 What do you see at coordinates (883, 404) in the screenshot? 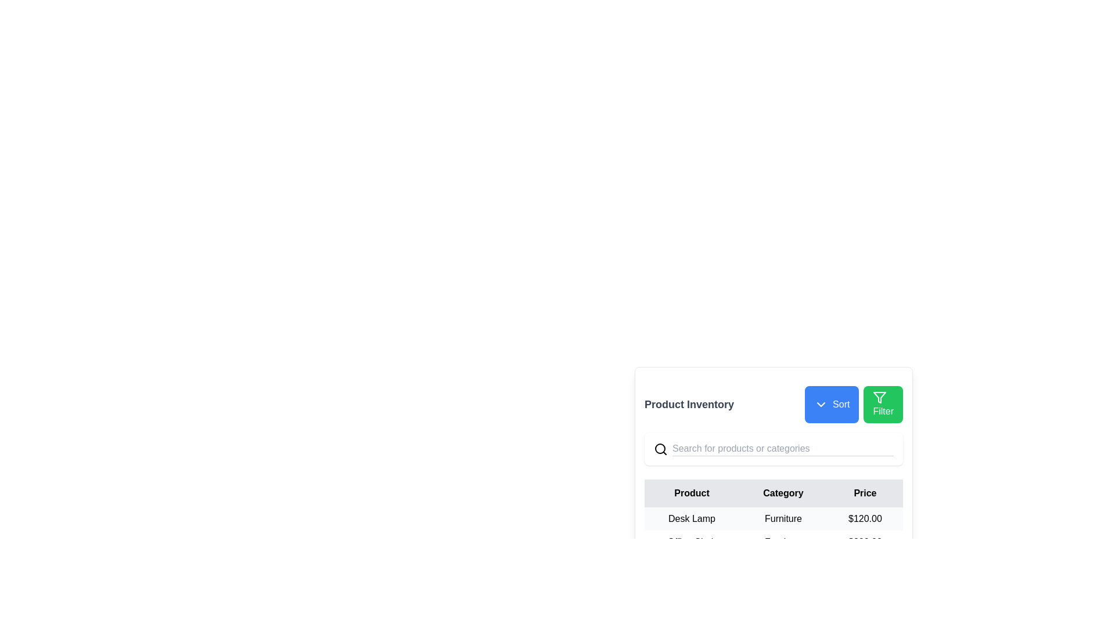
I see `the green 'Filter' button with white text and a filter icon, located at the top-right corner of the product inventory section` at bounding box center [883, 404].